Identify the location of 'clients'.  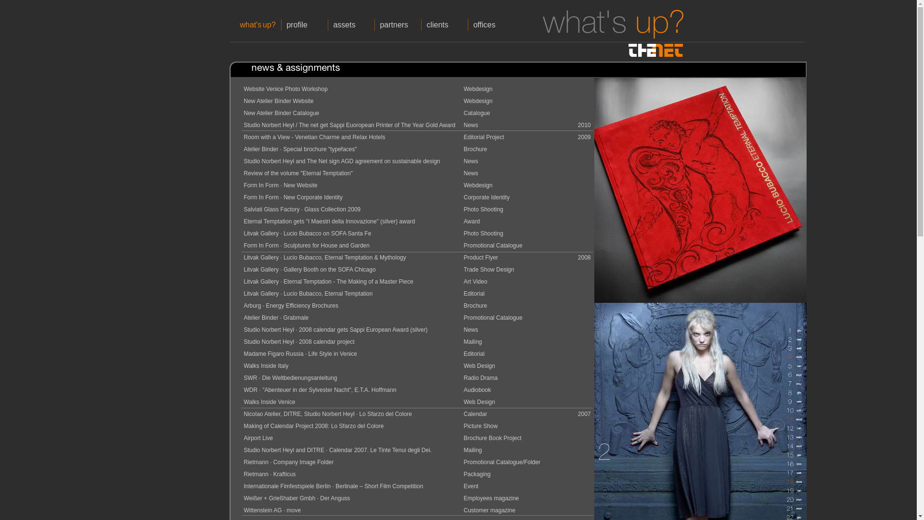
(444, 24).